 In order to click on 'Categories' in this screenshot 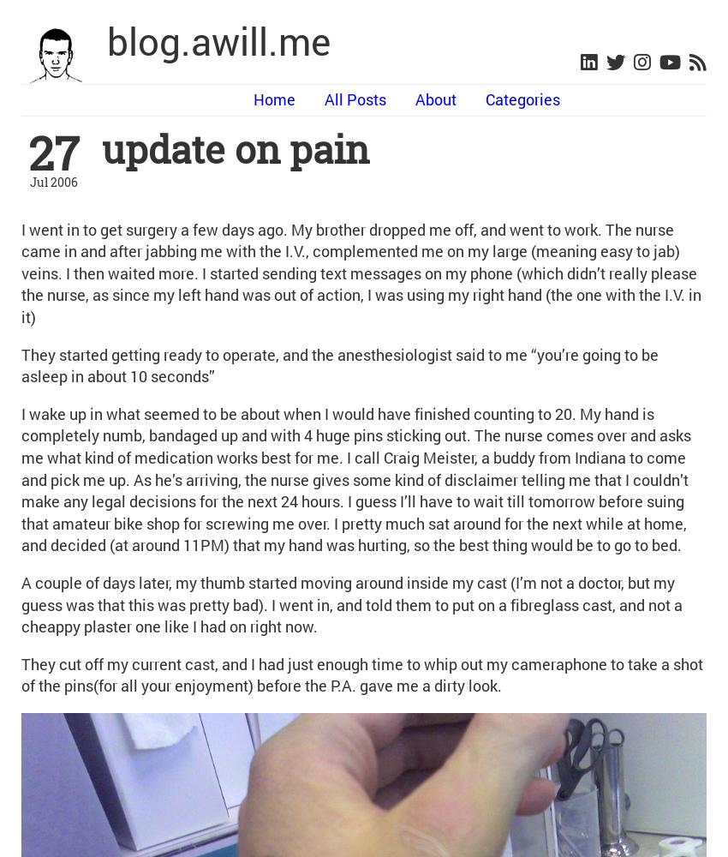, I will do `click(522, 99)`.